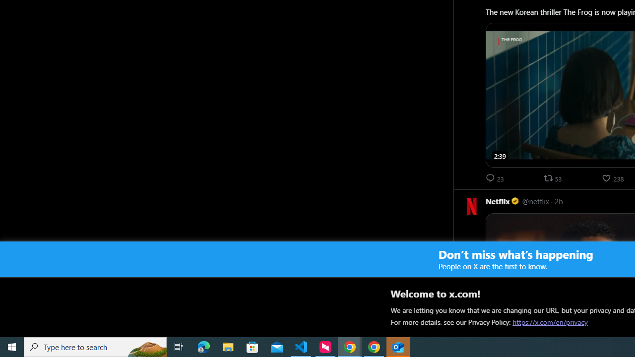 The height and width of the screenshot is (357, 635). Describe the element at coordinates (559, 201) in the screenshot. I see `'2 hours ago'` at that location.